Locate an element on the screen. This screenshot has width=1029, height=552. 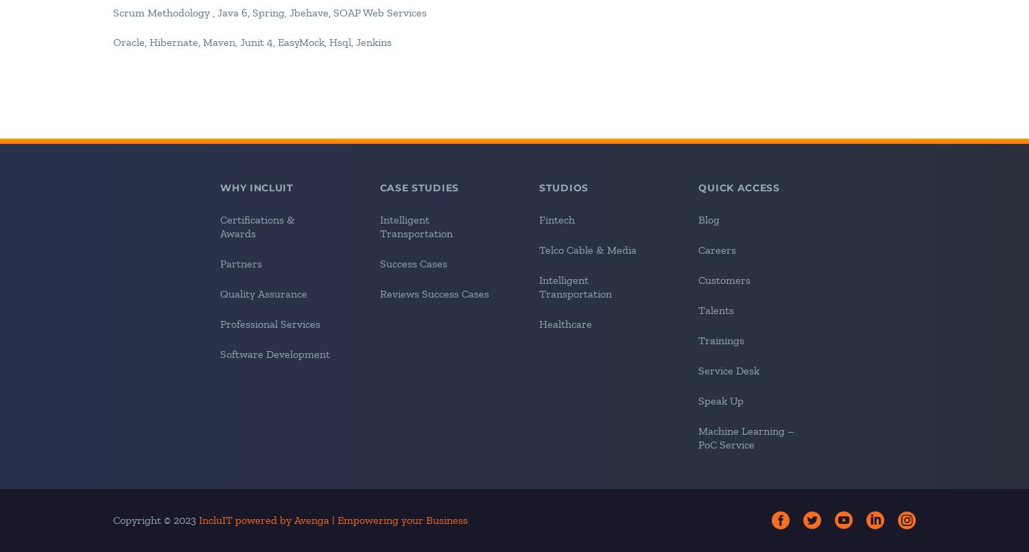
'Trainings' is located at coordinates (721, 339).